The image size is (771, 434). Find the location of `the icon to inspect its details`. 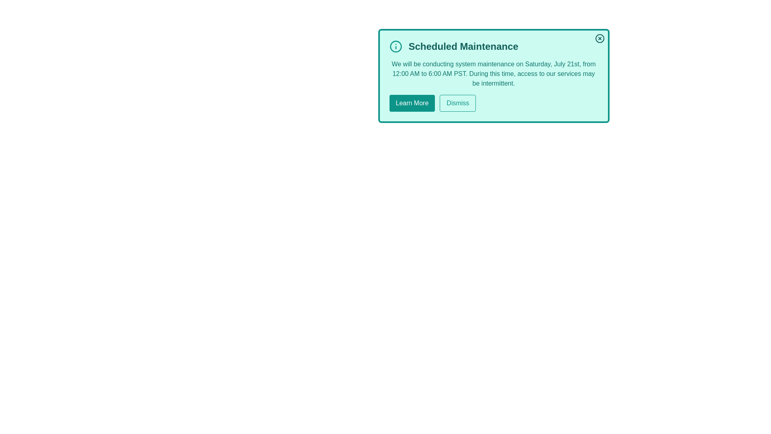

the icon to inspect its details is located at coordinates (396, 46).